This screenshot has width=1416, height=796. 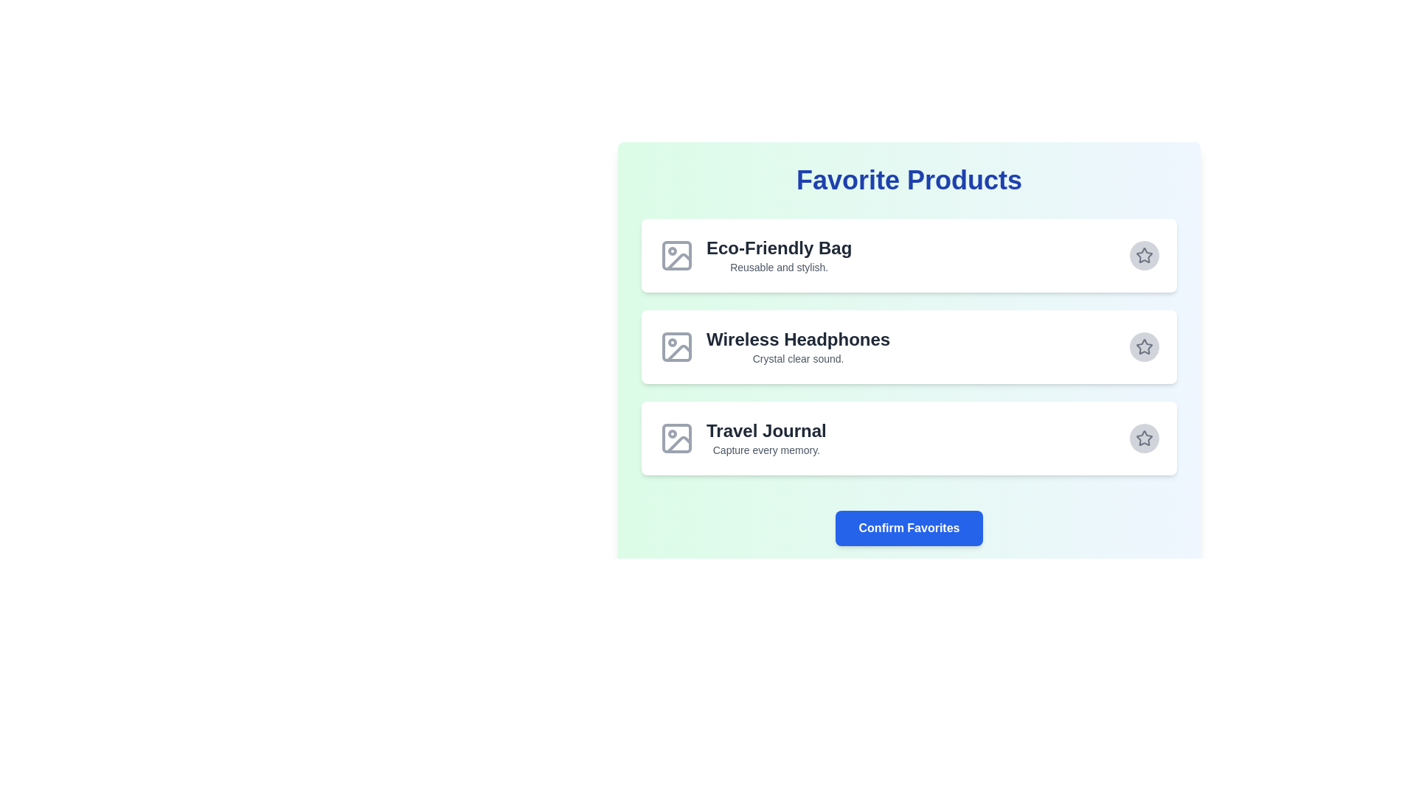 I want to click on star button for the product Eco-Friendly Bag to toggle its favorite status, so click(x=1143, y=255).